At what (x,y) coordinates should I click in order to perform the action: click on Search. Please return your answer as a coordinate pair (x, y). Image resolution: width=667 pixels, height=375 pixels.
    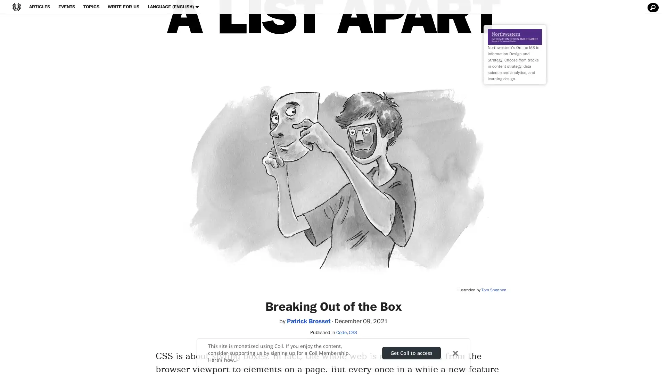
    Looking at the image, I should click on (652, 8).